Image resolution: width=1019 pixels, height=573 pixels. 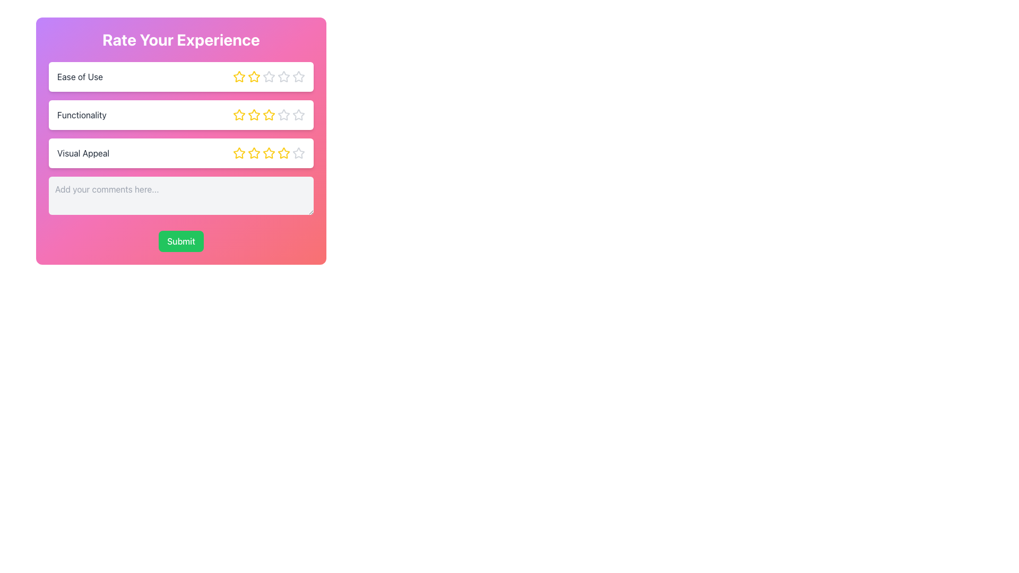 What do you see at coordinates (181, 241) in the screenshot?
I see `the 'Submit' button, which has a green background and white text` at bounding box center [181, 241].